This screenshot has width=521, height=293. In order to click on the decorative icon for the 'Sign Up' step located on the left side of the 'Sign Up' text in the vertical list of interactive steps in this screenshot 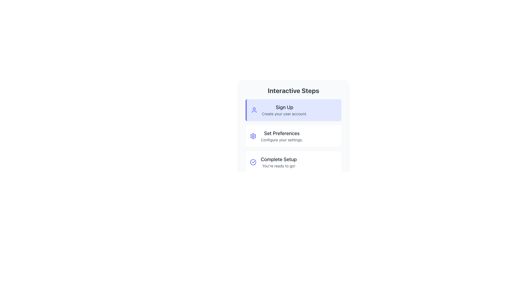, I will do `click(254, 110)`.